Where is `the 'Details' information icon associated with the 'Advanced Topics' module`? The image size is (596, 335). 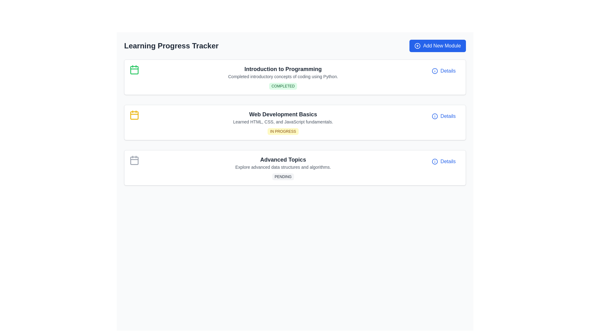 the 'Details' information icon associated with the 'Advanced Topics' module is located at coordinates (435, 116).